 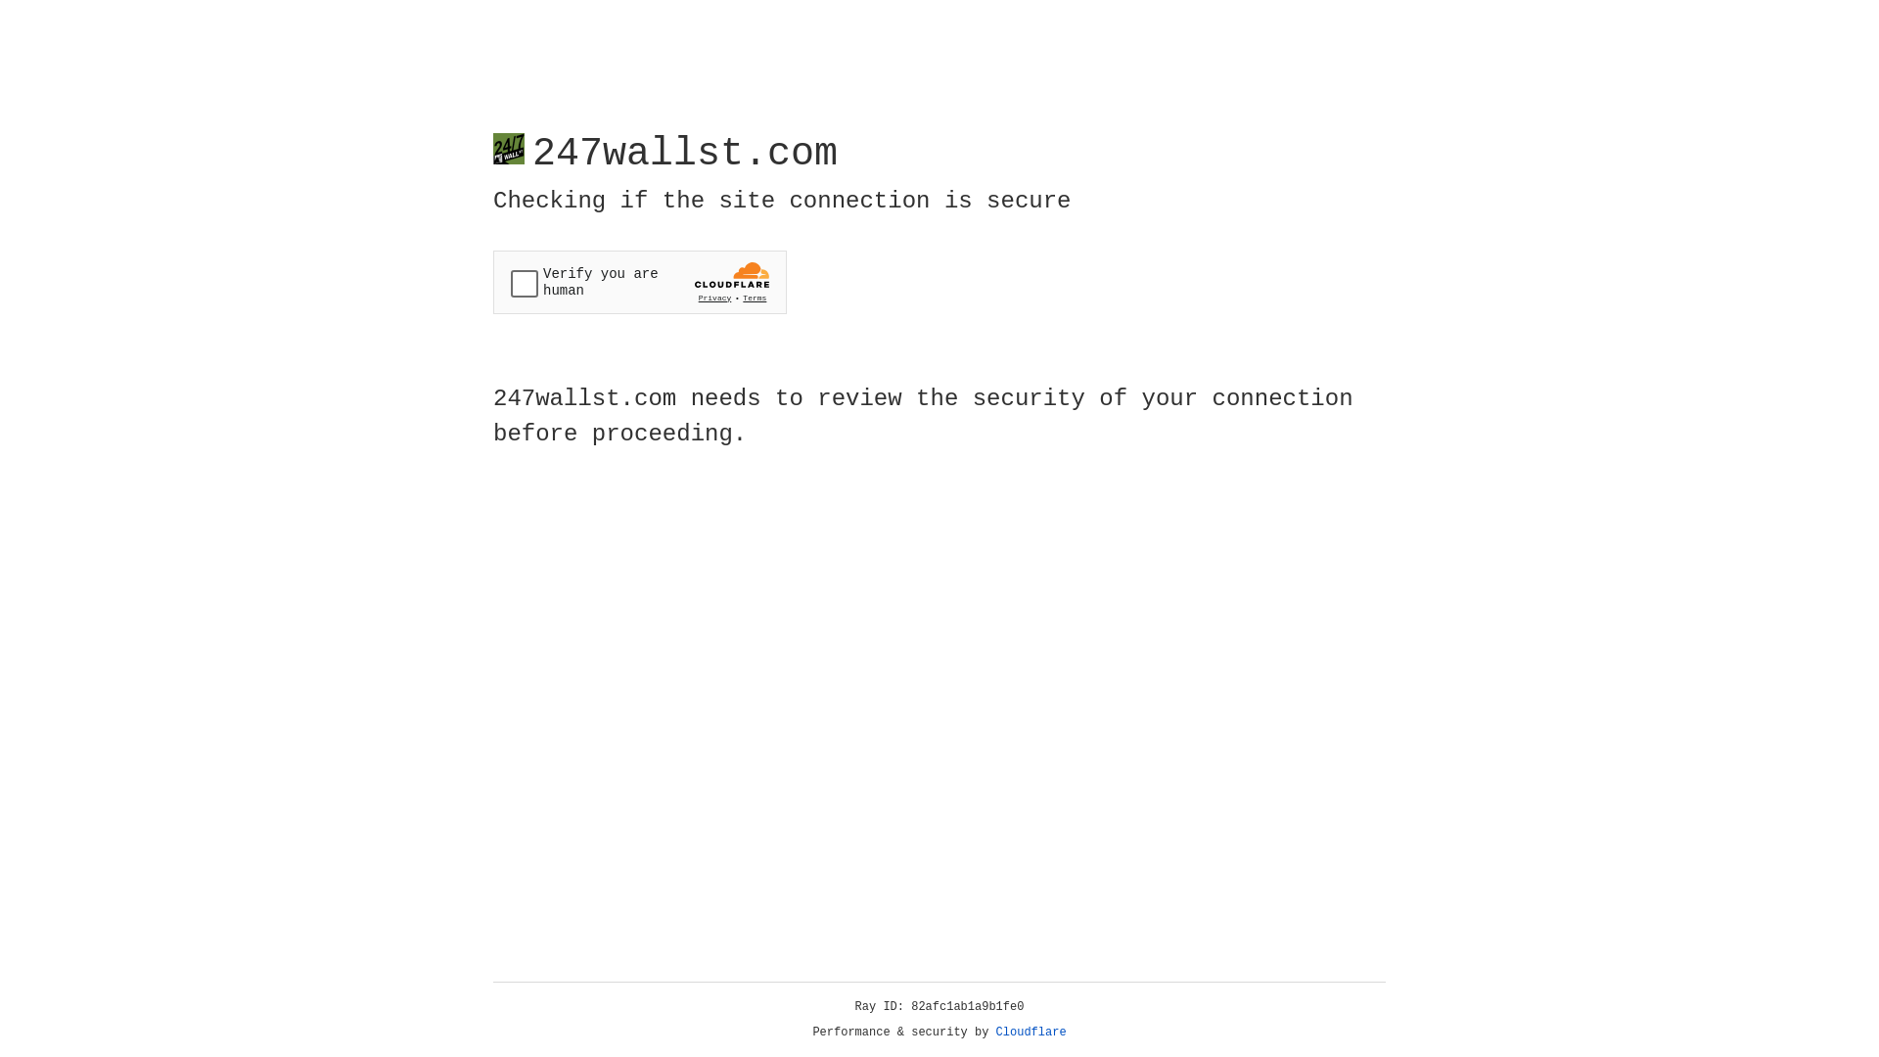 What do you see at coordinates (1031, 1032) in the screenshot?
I see `'Cloudflare'` at bounding box center [1031, 1032].